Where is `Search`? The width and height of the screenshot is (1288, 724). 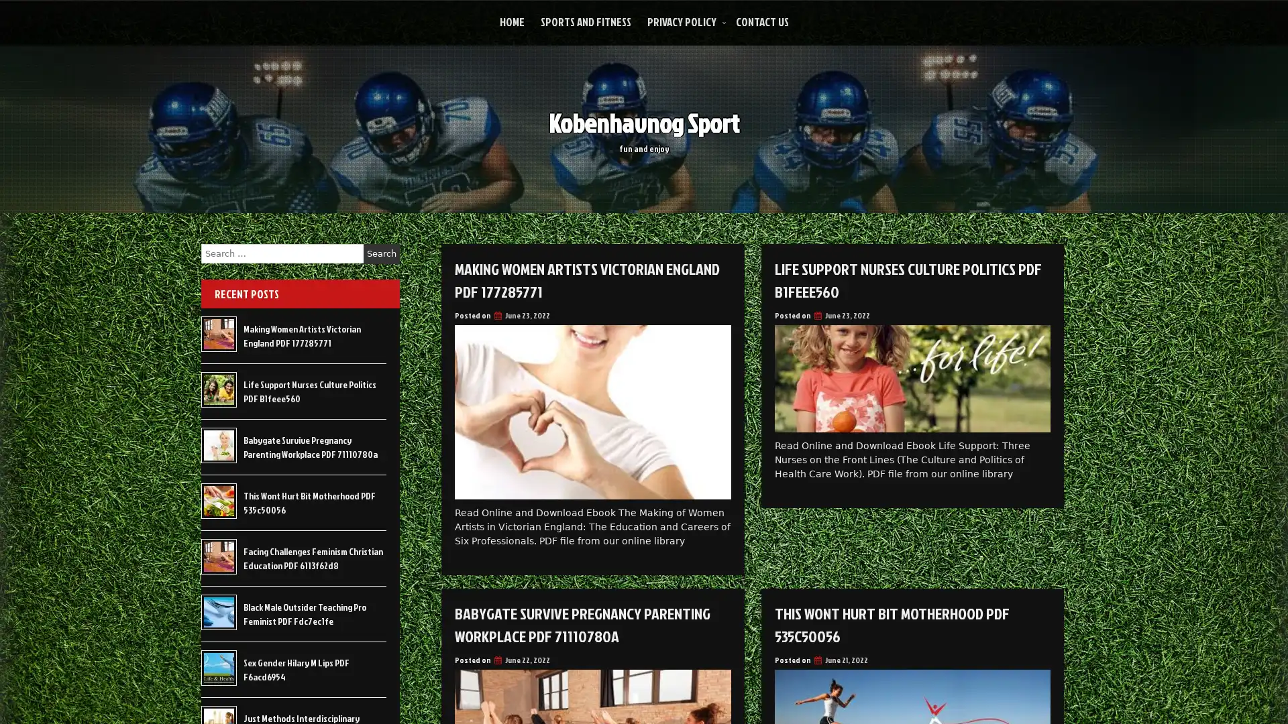 Search is located at coordinates (381, 253).